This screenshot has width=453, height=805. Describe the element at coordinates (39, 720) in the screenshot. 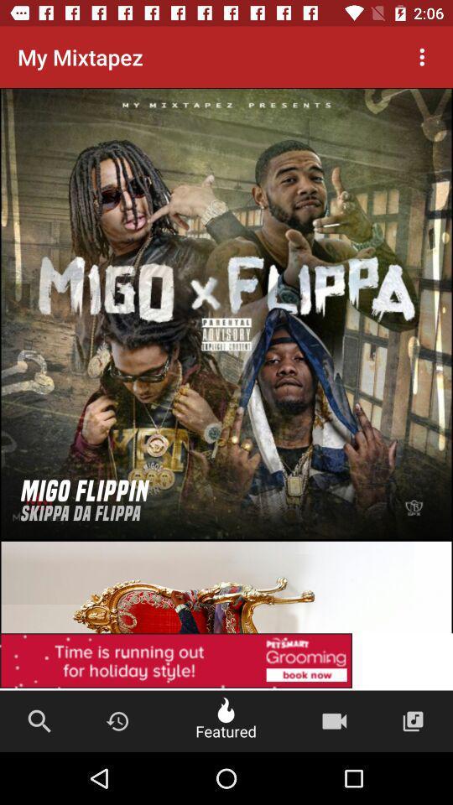

I see `search icon` at that location.